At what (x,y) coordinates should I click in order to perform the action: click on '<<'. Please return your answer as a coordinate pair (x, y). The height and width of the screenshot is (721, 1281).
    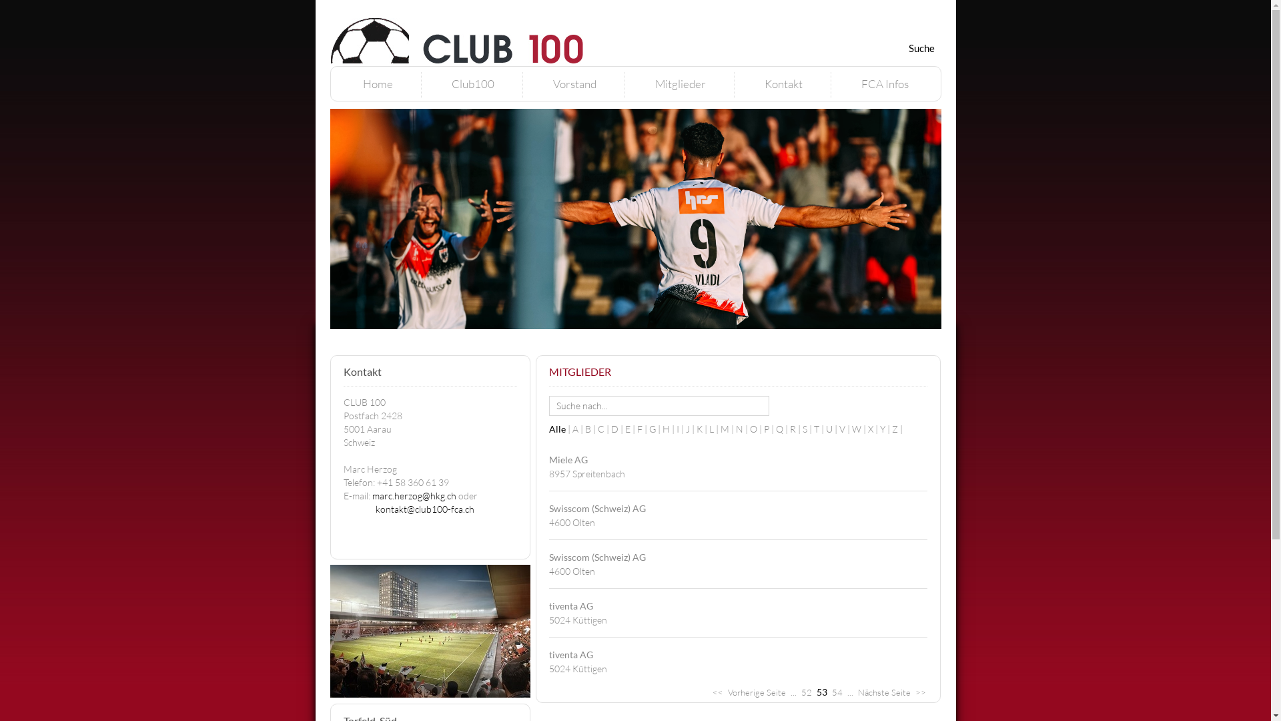
    Looking at the image, I should click on (717, 692).